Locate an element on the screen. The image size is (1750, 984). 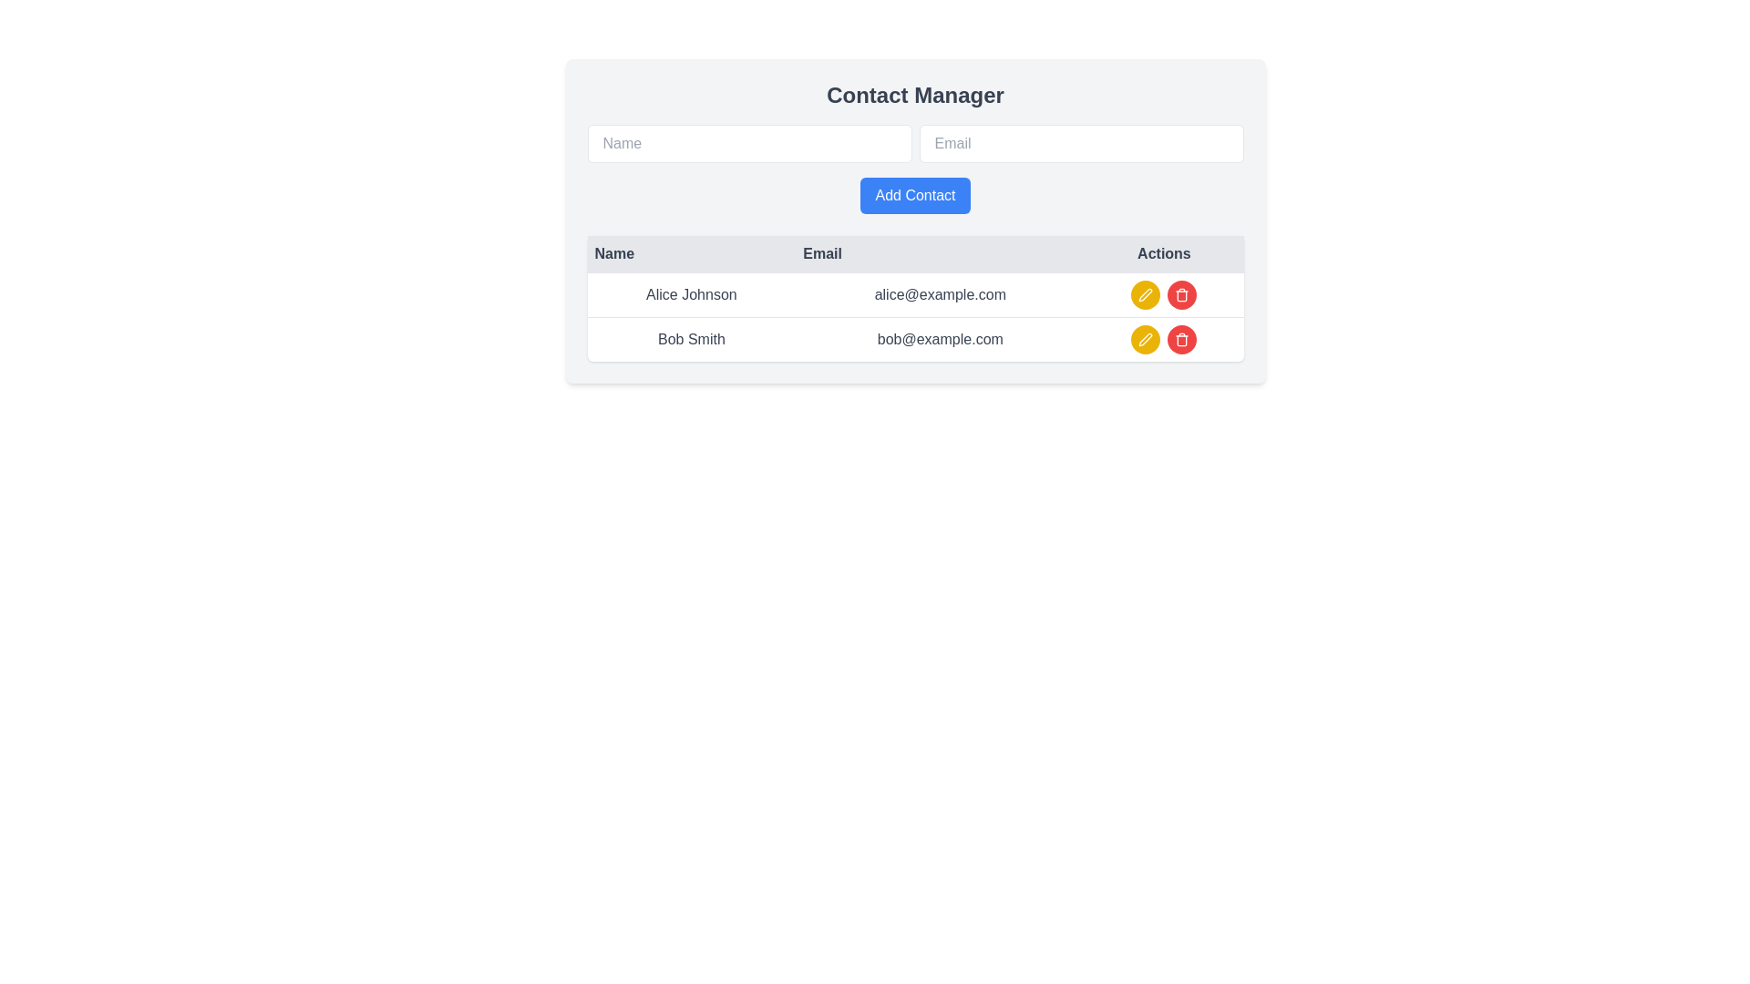
the pen icon embedded within the button in the 'Actions' column is located at coordinates (1145, 340).